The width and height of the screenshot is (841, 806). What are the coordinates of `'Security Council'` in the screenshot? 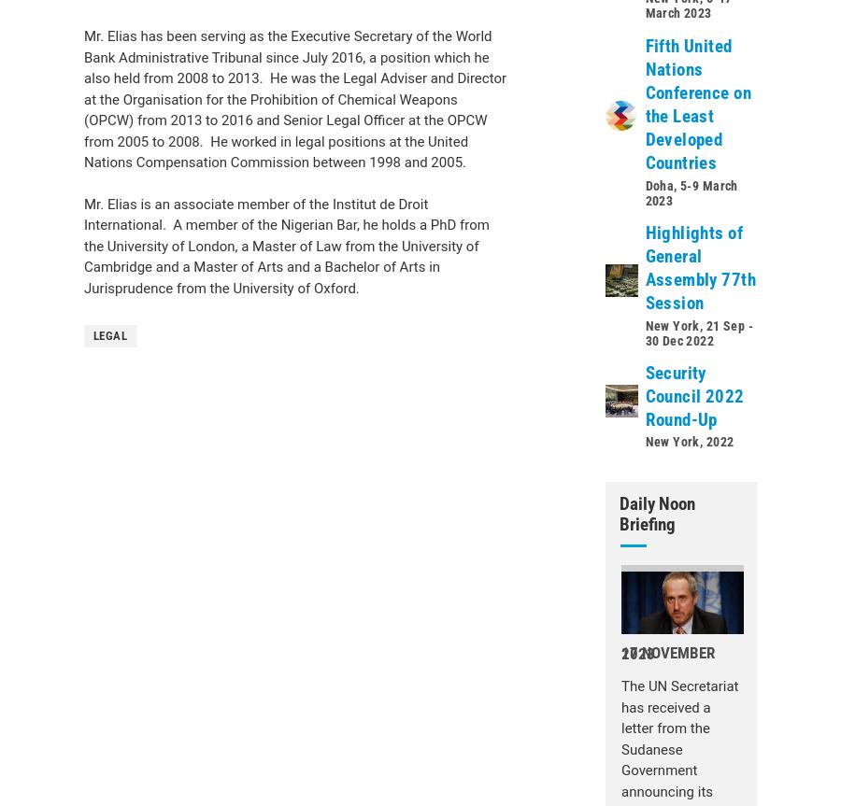 It's located at (151, 255).